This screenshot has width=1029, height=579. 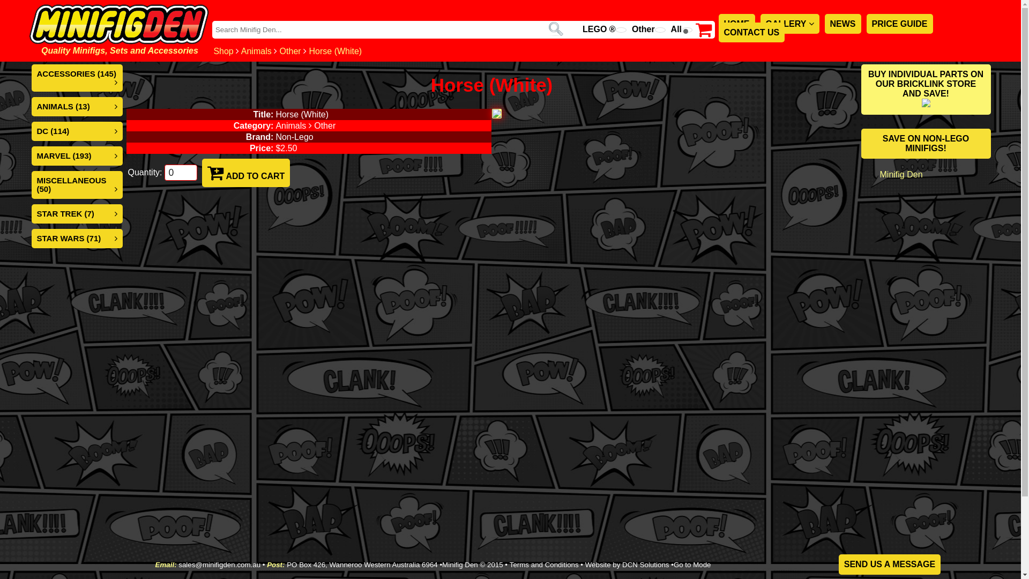 I want to click on 'HOME', so click(x=735, y=24).